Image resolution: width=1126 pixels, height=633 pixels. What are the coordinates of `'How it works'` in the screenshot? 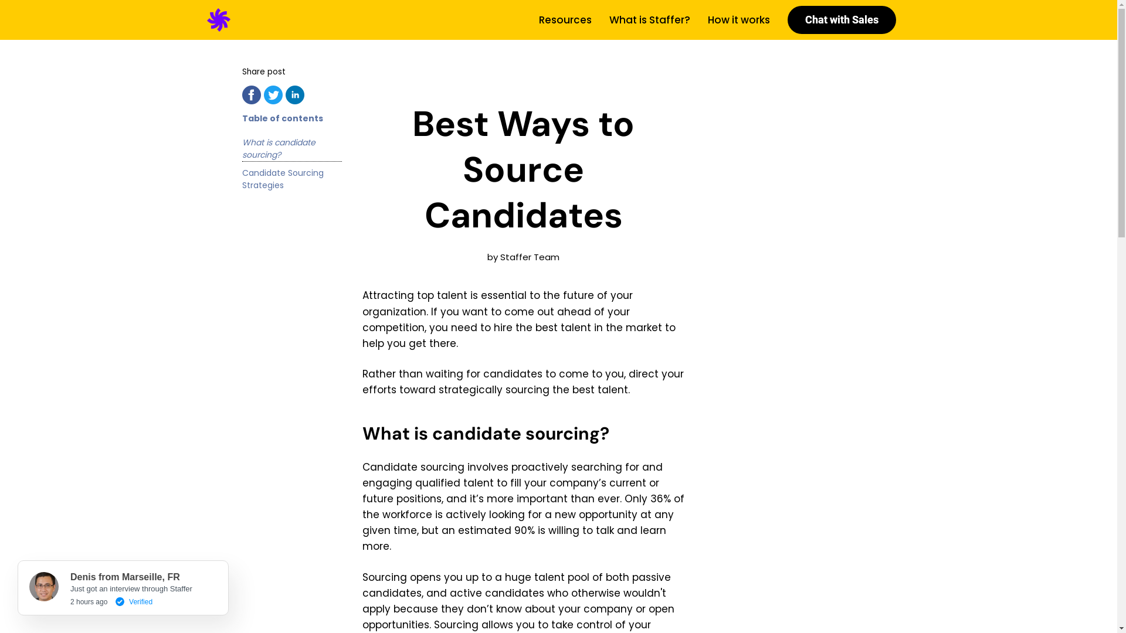 It's located at (737, 20).